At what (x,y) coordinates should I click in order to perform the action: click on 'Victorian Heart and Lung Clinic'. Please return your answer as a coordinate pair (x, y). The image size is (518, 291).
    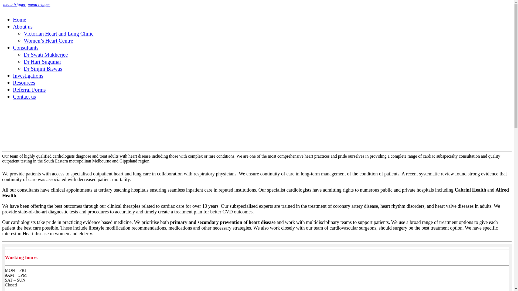
    Looking at the image, I should click on (59, 33).